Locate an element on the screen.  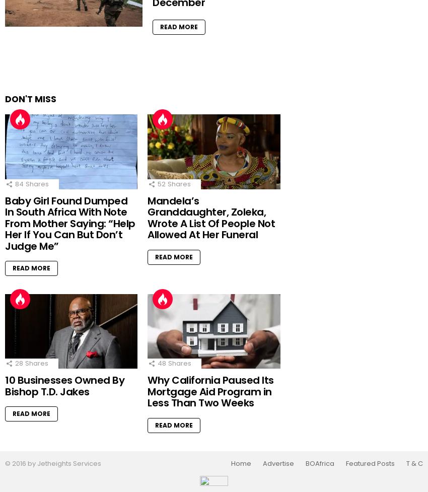
'Why California Paused Its Mortgage Aid Program in Less Than Two Weeks' is located at coordinates (210, 391).